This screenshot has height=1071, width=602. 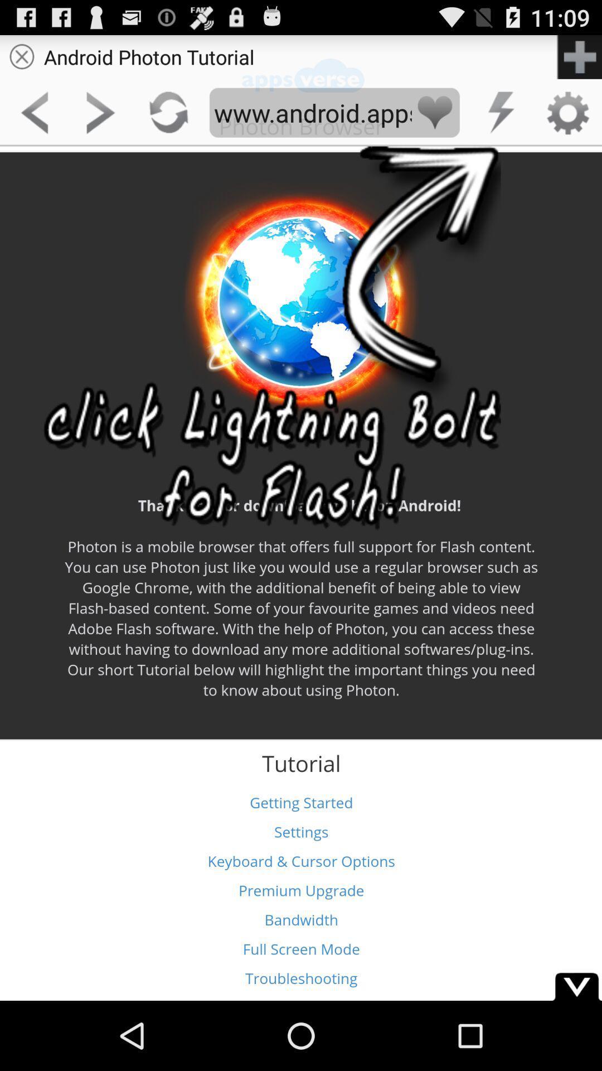 What do you see at coordinates (168, 120) in the screenshot?
I see `the refresh icon` at bounding box center [168, 120].